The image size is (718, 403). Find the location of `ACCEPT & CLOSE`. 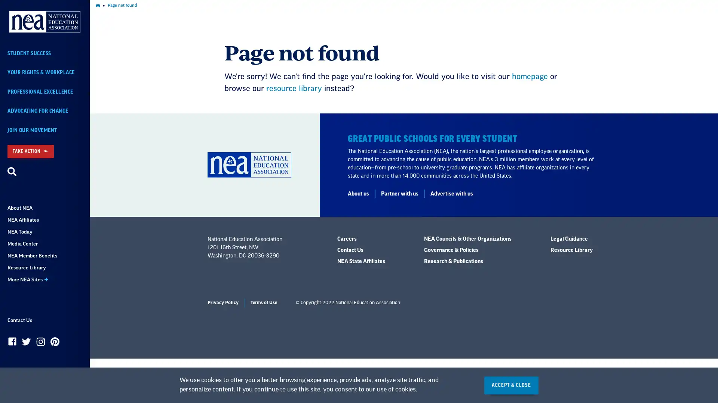

ACCEPT & CLOSE is located at coordinates (511, 385).